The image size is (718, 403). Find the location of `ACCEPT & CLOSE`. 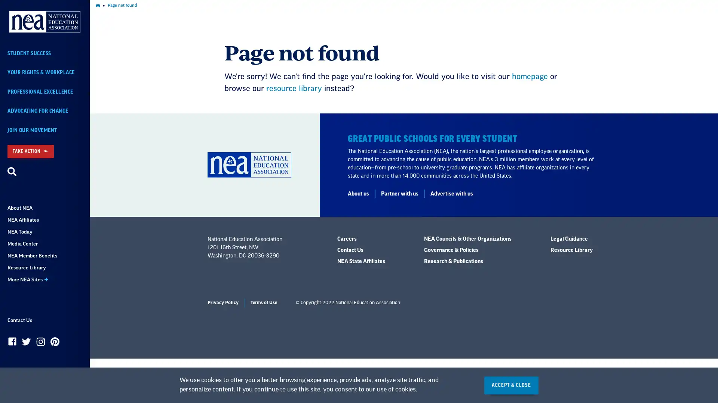

ACCEPT & CLOSE is located at coordinates (511, 385).